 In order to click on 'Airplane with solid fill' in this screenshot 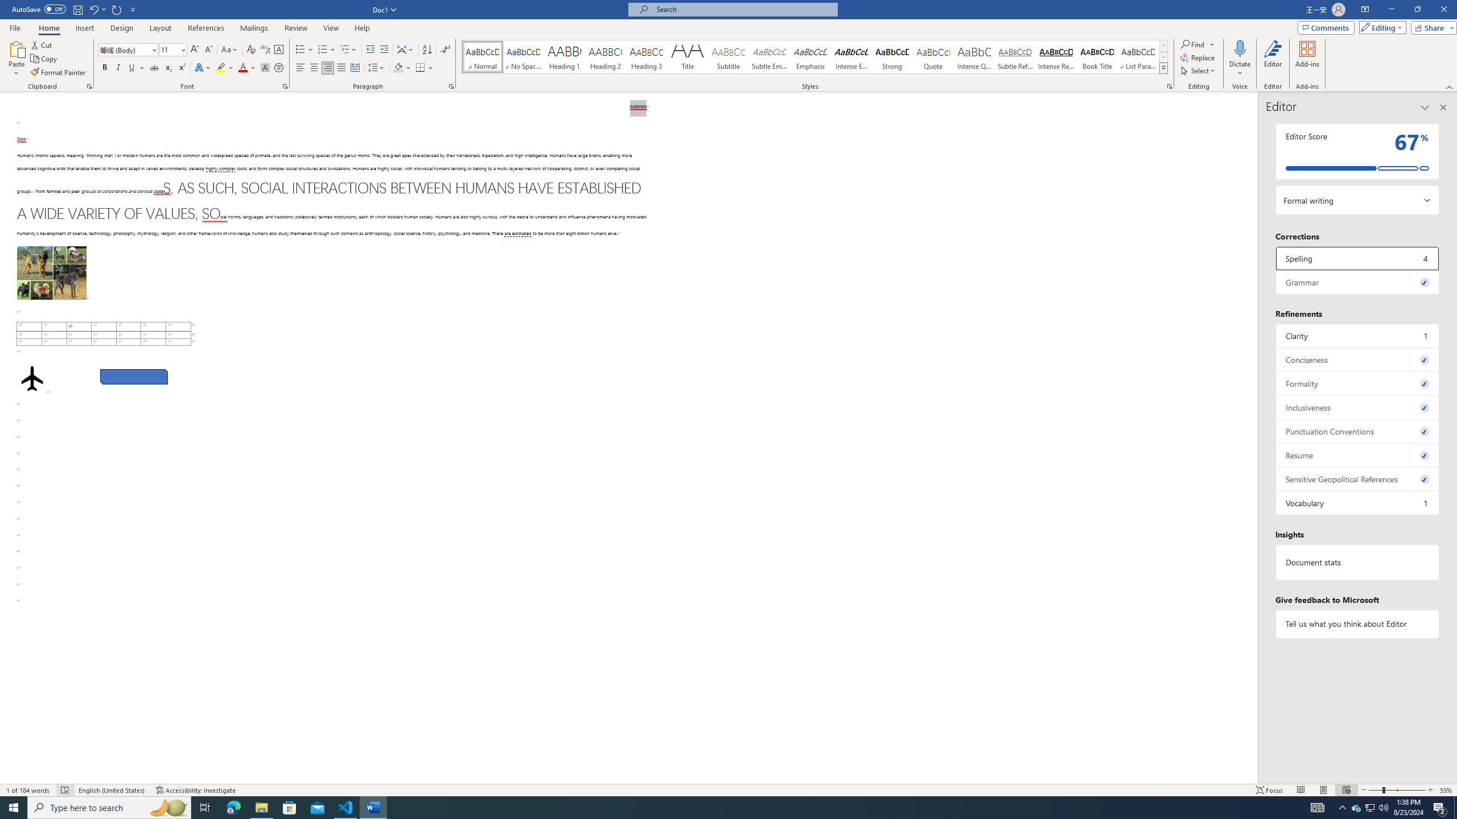, I will do `click(32, 379)`.